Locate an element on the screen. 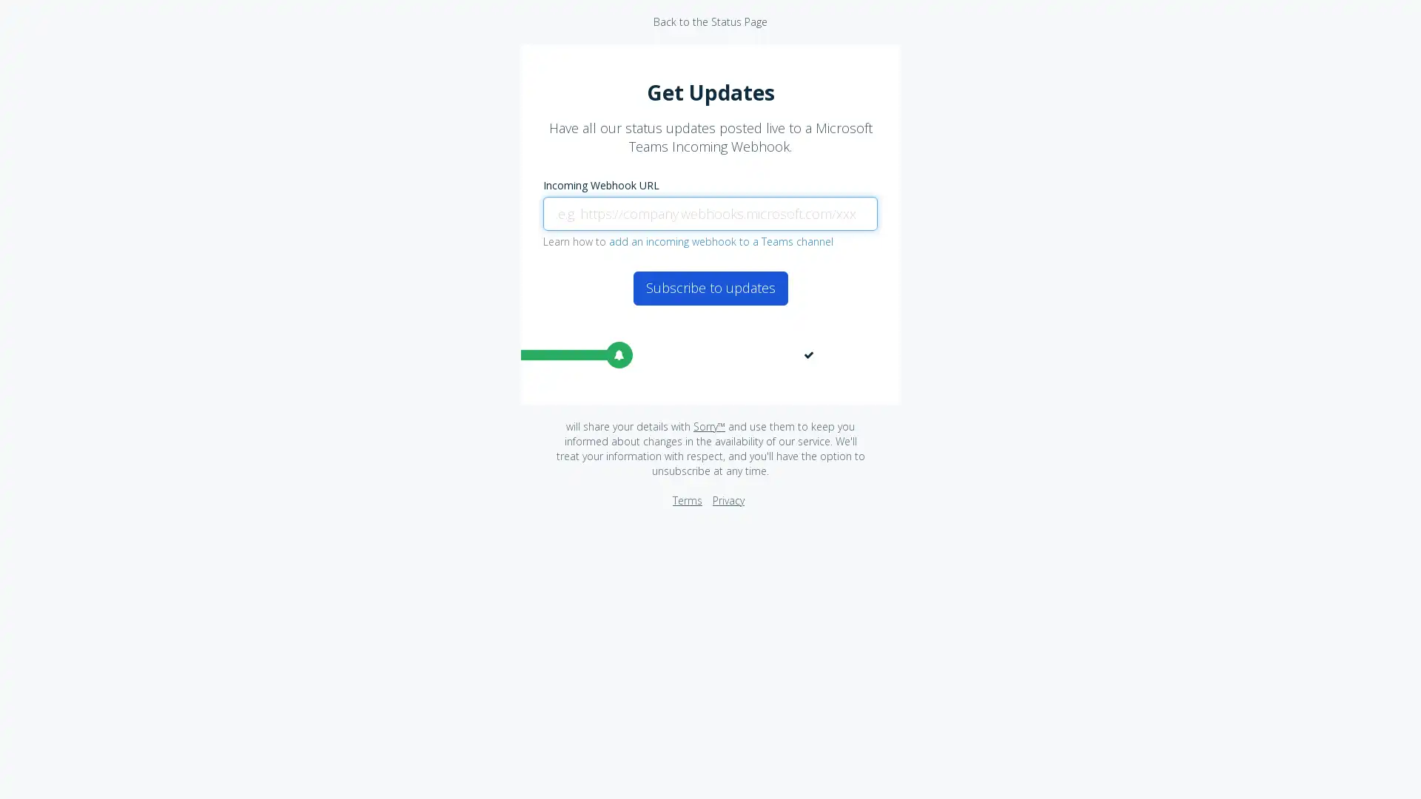 This screenshot has width=1421, height=799. Subscribe to updates is located at coordinates (709, 288).